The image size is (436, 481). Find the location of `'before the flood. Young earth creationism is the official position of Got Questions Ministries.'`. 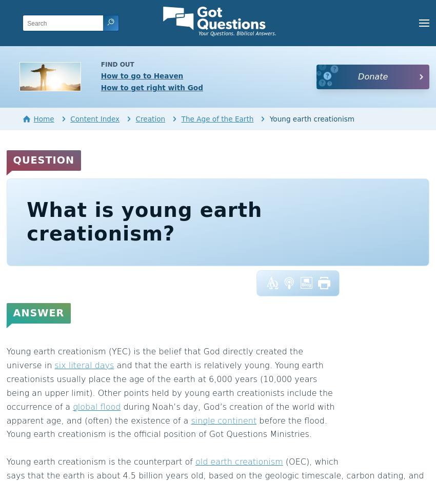

'before the flood. Young earth creationism is the official position of Got Questions Ministries.' is located at coordinates (167, 427).